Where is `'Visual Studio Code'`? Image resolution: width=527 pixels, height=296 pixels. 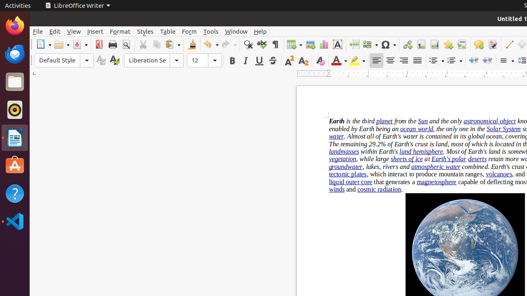 'Visual Studio Code' is located at coordinates (14, 221).